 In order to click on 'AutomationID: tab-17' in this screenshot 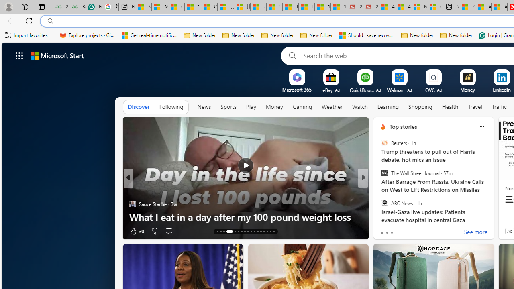, I will do `click(235, 232)`.